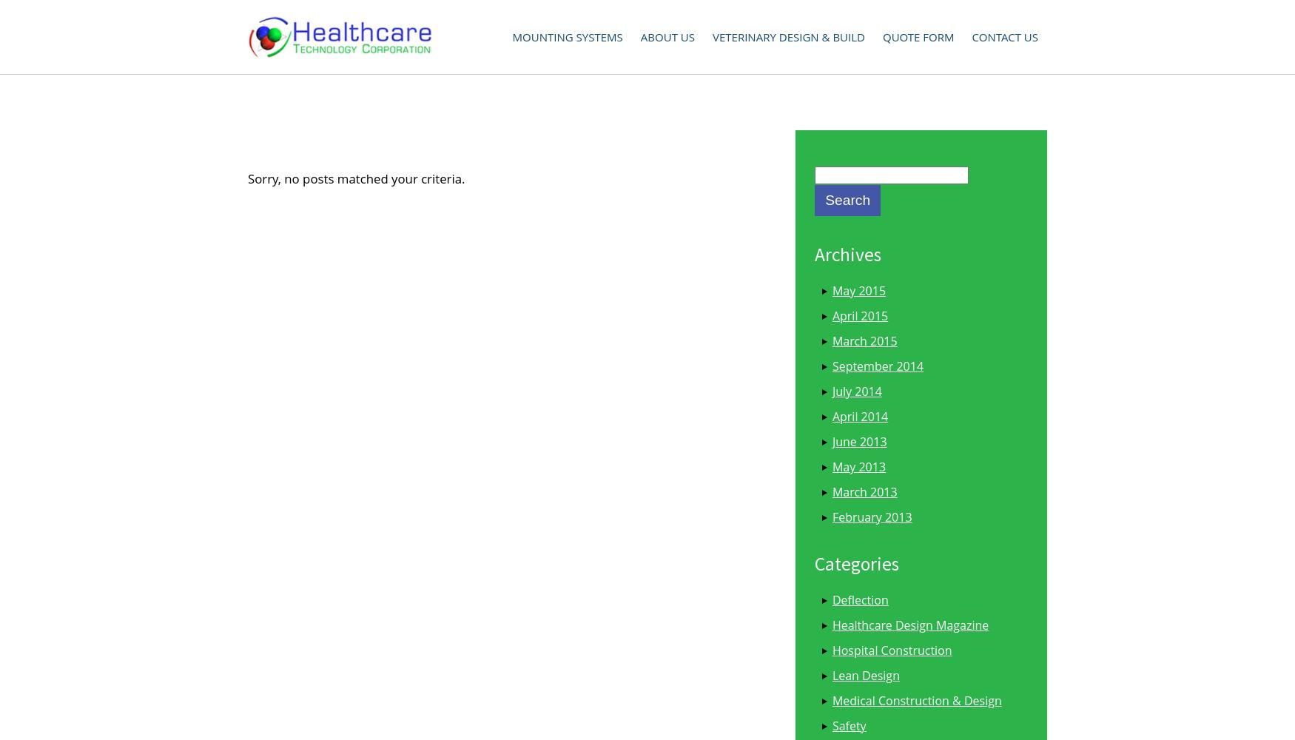 The height and width of the screenshot is (740, 1295). Describe the element at coordinates (855, 563) in the screenshot. I see `'Categories'` at that location.